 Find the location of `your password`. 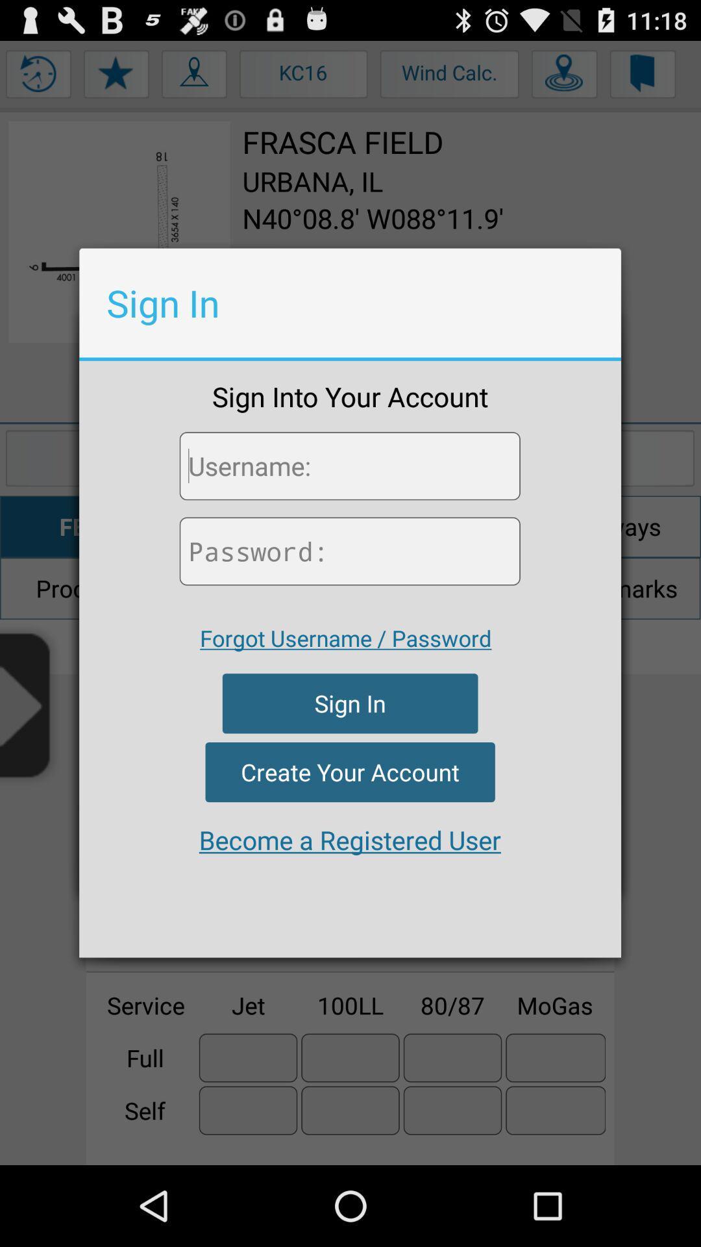

your password is located at coordinates (349, 551).